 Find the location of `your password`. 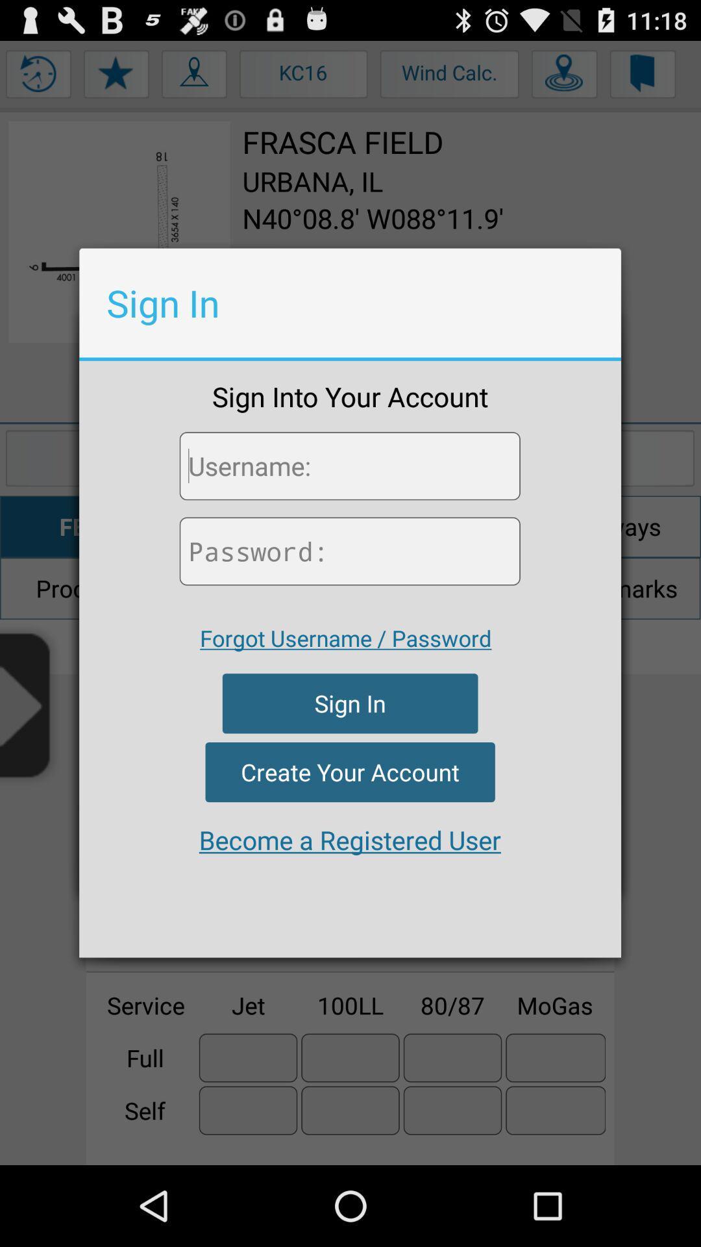

your password is located at coordinates (349, 551).